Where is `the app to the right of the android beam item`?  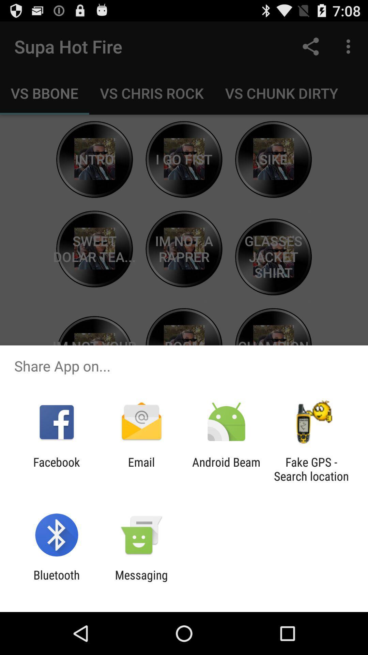 the app to the right of the android beam item is located at coordinates (311, 469).